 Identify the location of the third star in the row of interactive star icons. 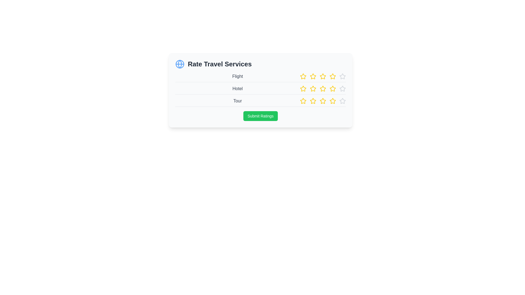
(323, 76).